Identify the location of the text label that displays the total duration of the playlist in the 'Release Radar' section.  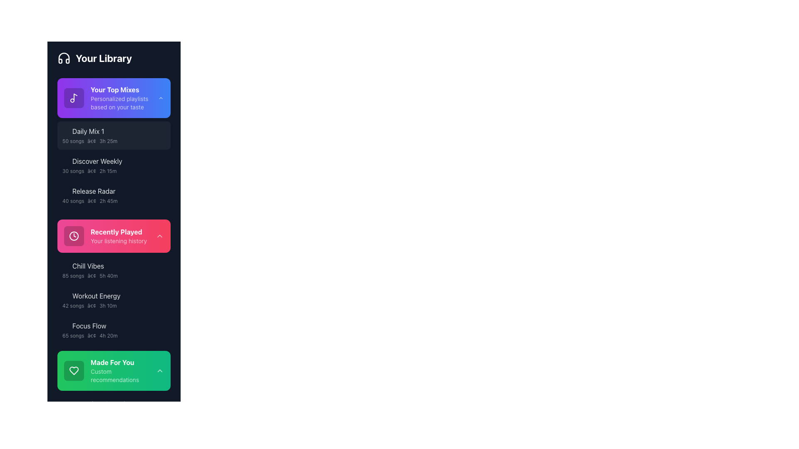
(108, 201).